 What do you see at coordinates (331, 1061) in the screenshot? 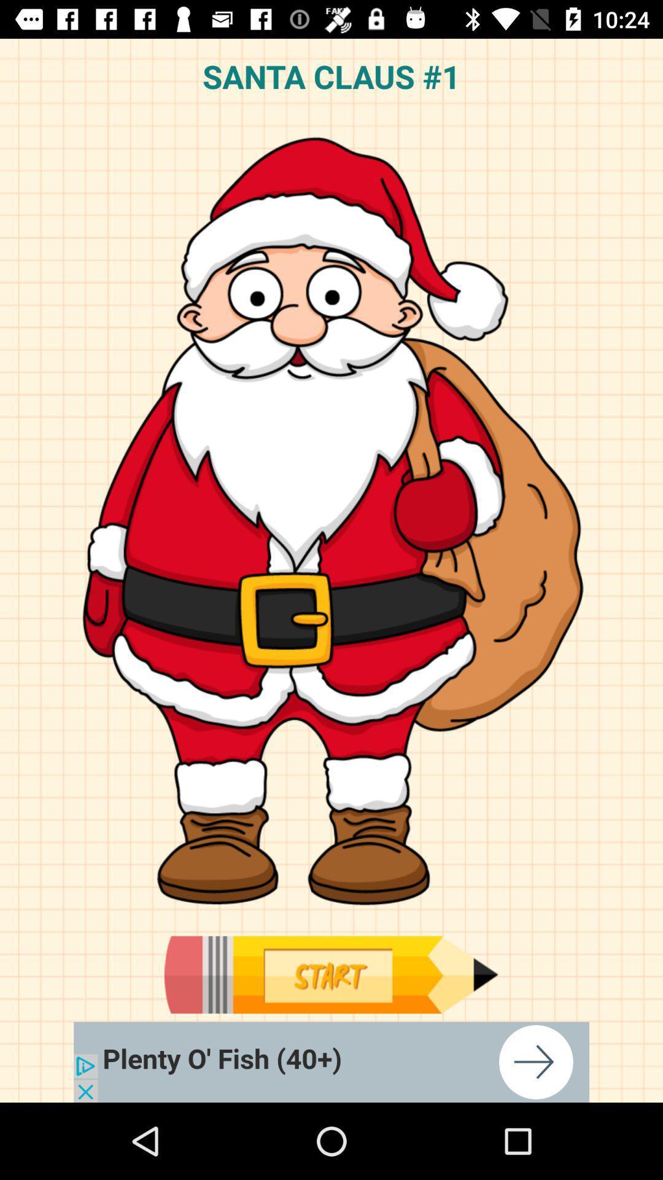
I see `how to draw christmas` at bounding box center [331, 1061].